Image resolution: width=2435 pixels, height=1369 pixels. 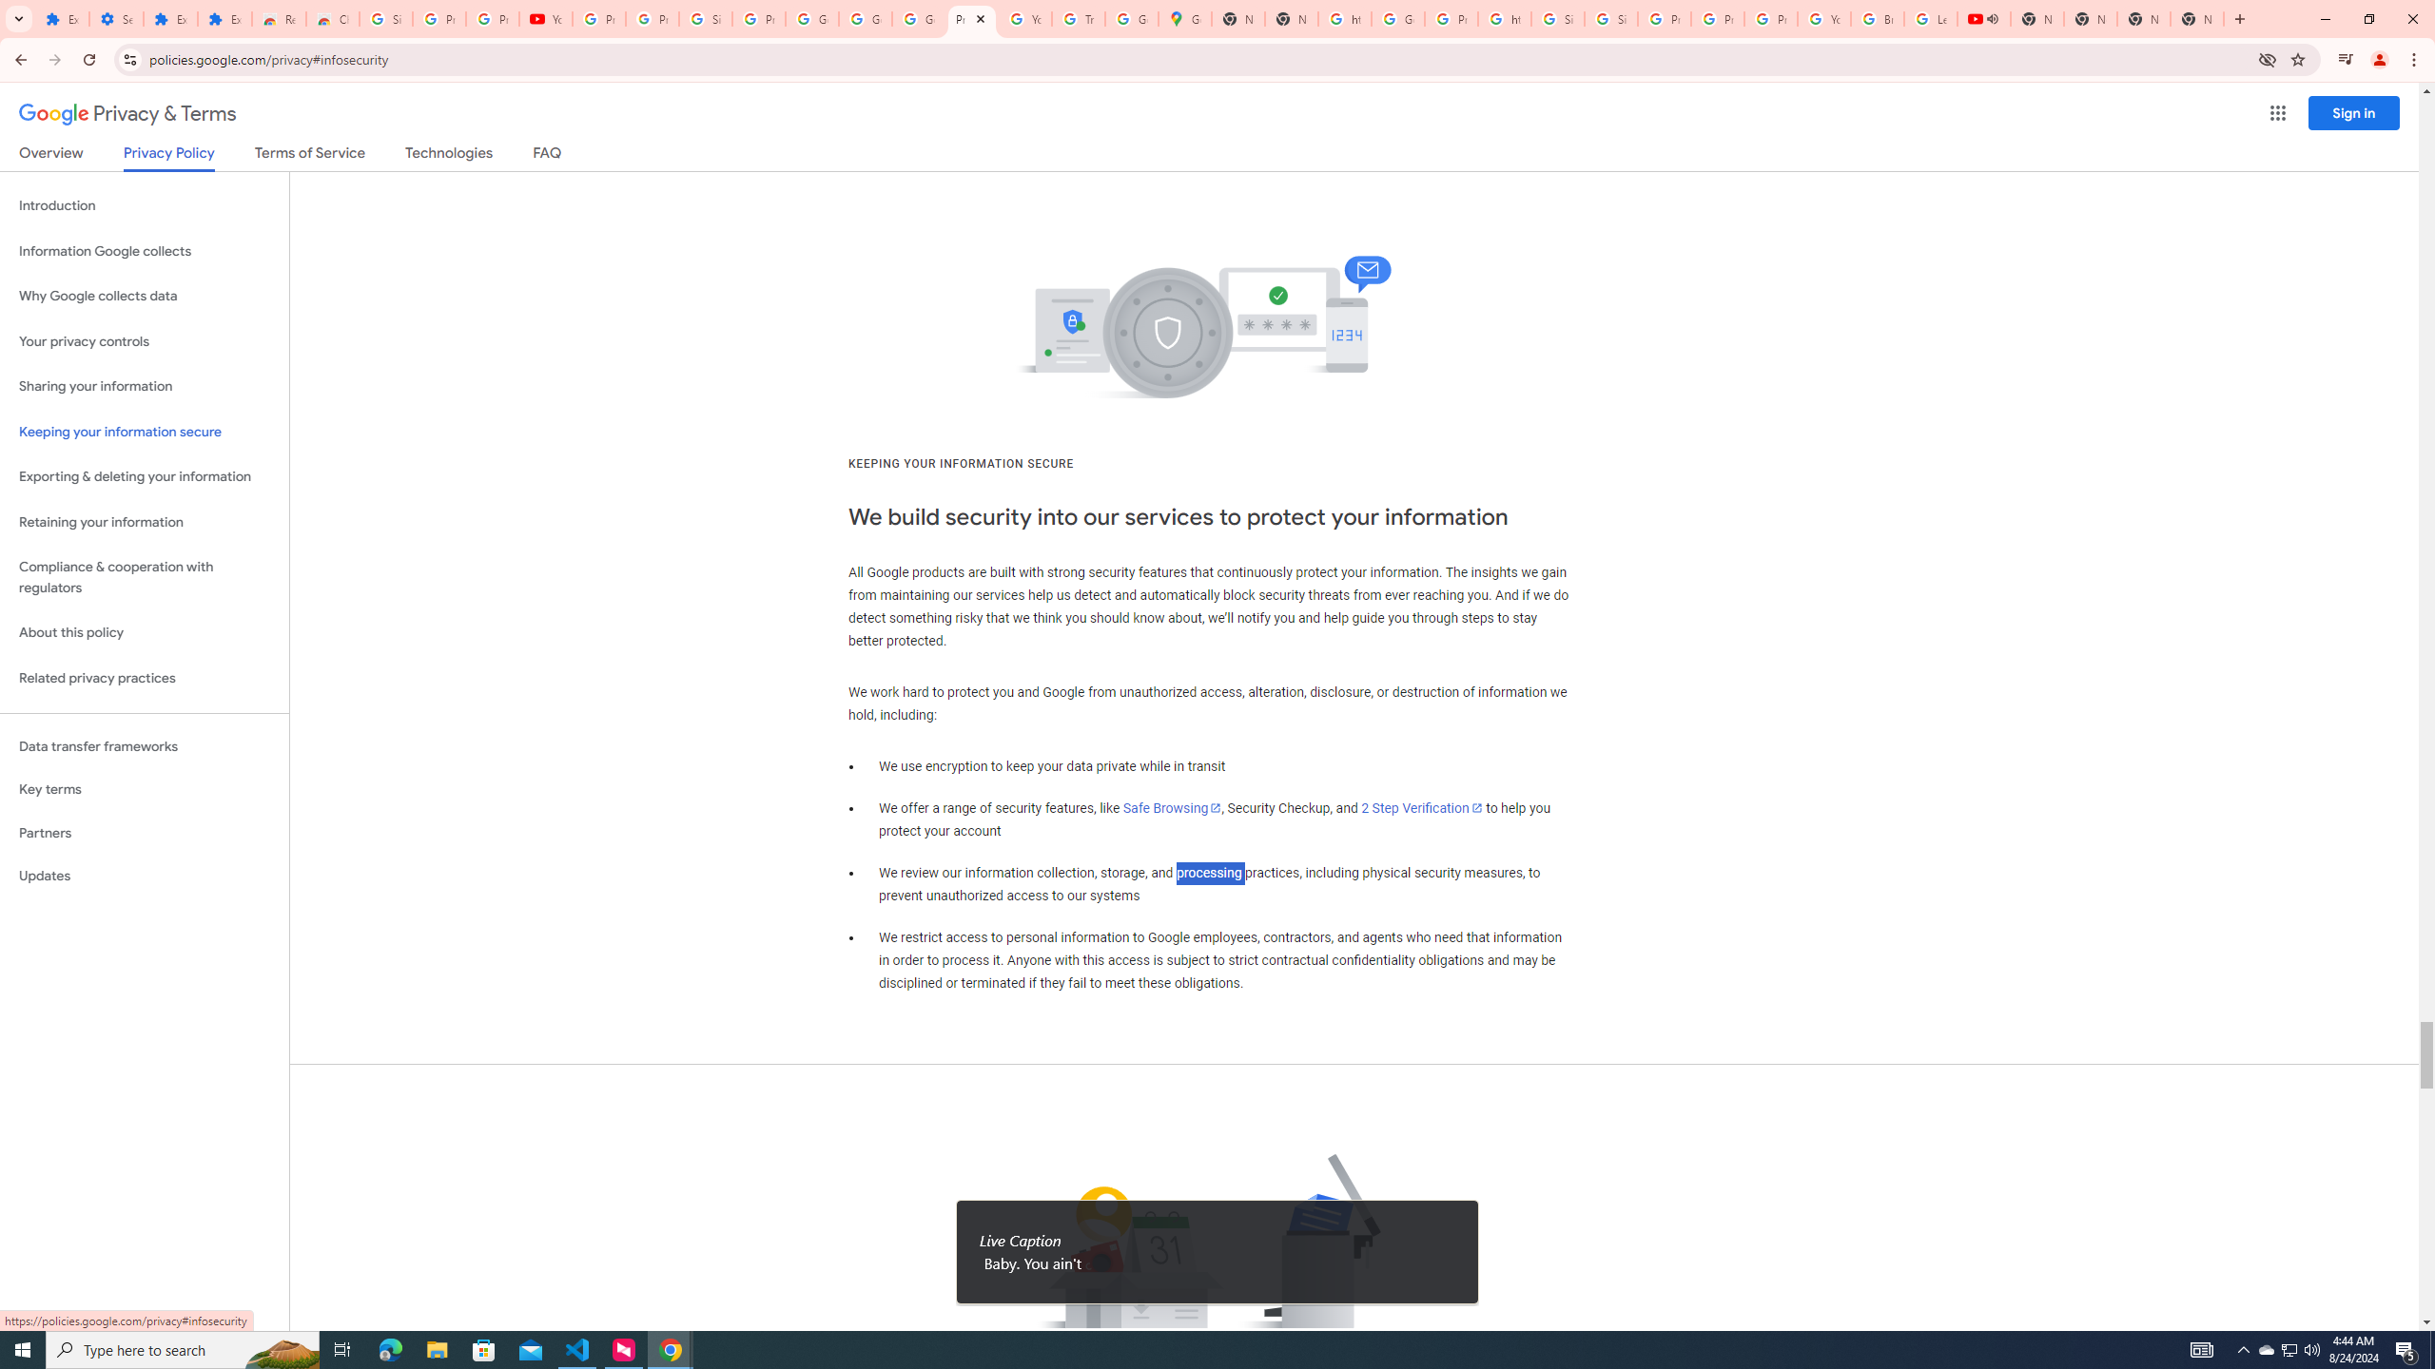 I want to click on 'Extensions', so click(x=170, y=18).